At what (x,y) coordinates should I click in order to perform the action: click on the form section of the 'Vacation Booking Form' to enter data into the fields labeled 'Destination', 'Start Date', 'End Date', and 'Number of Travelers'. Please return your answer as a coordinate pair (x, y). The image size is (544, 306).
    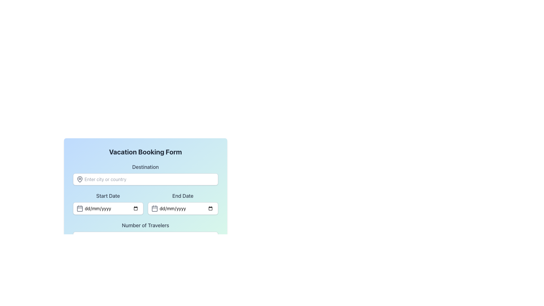
    Looking at the image, I should click on (145, 213).